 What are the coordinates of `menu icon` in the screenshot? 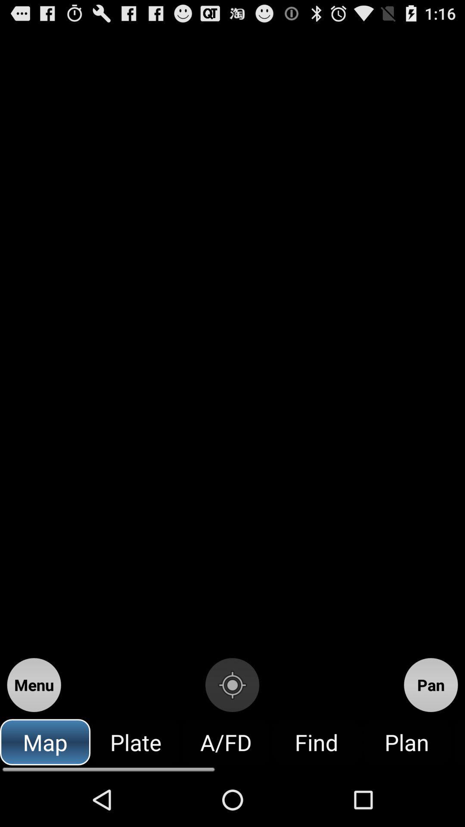 It's located at (34, 684).